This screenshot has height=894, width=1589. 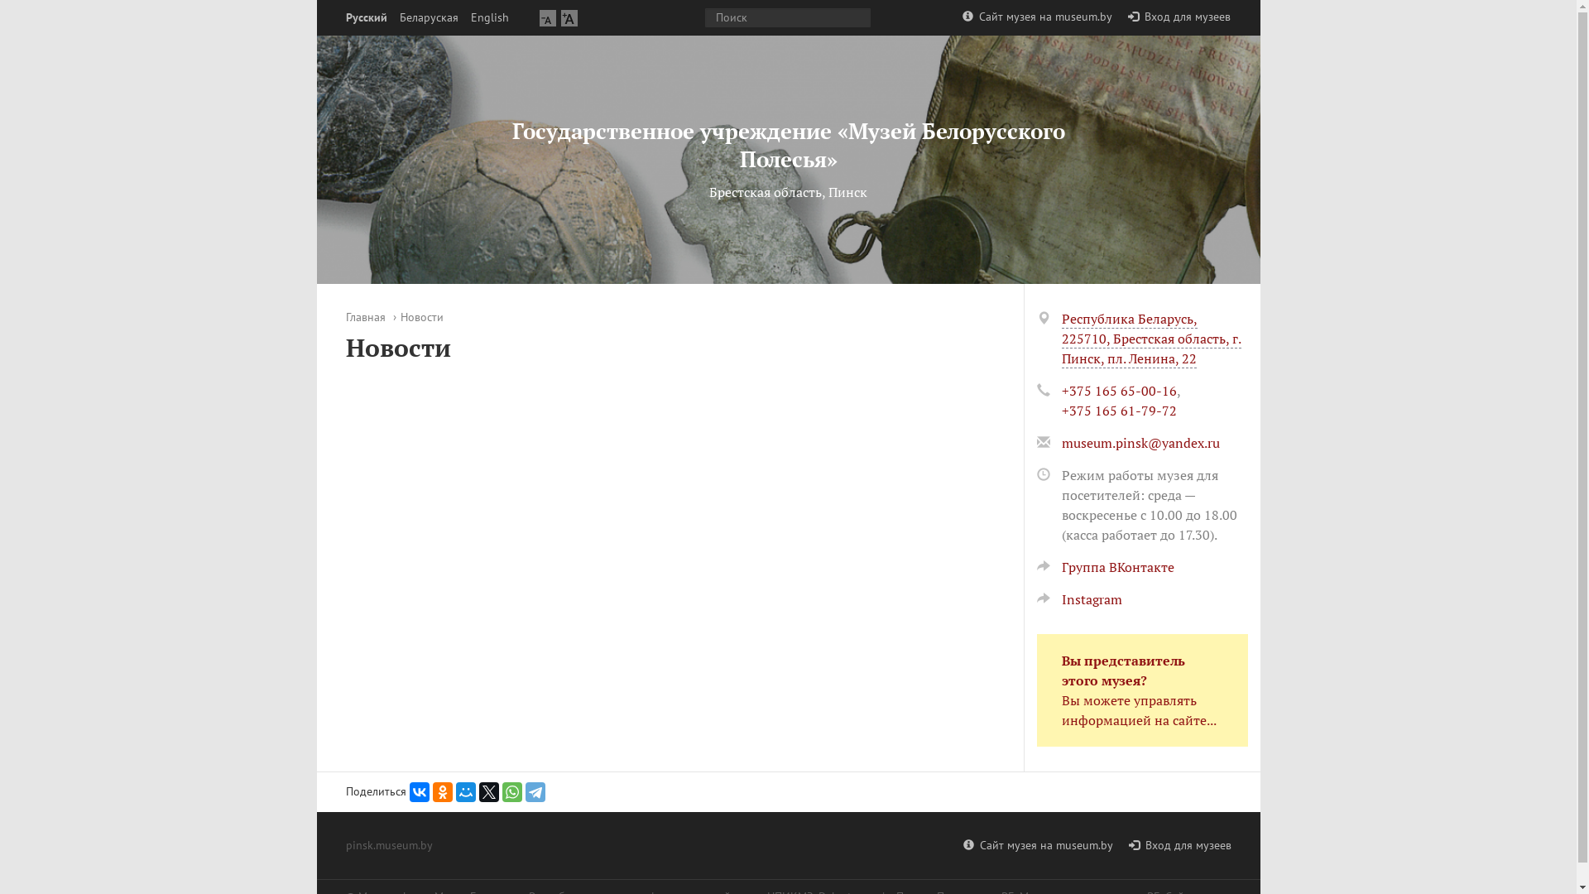 What do you see at coordinates (540, 17) in the screenshot?
I see `'A'` at bounding box center [540, 17].